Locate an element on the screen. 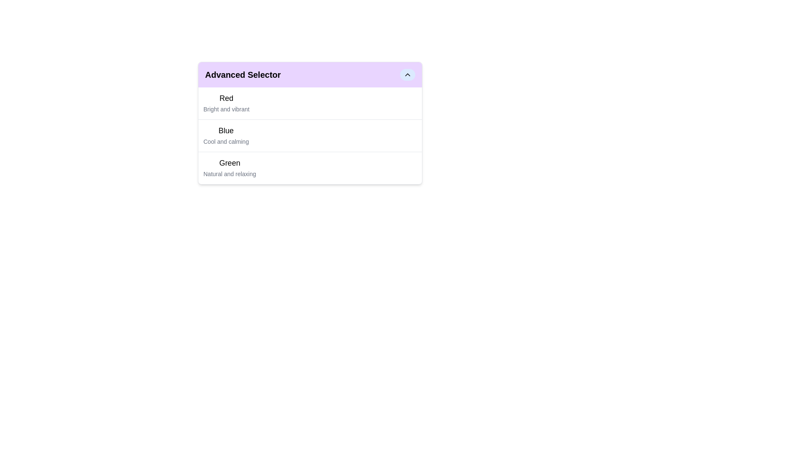 The height and width of the screenshot is (454, 807). the text label that reads 'Natural and relaxing', styled with a small font and muted gray color, located directly below the title 'Green' in the Advanced Selector component is located at coordinates (229, 173).